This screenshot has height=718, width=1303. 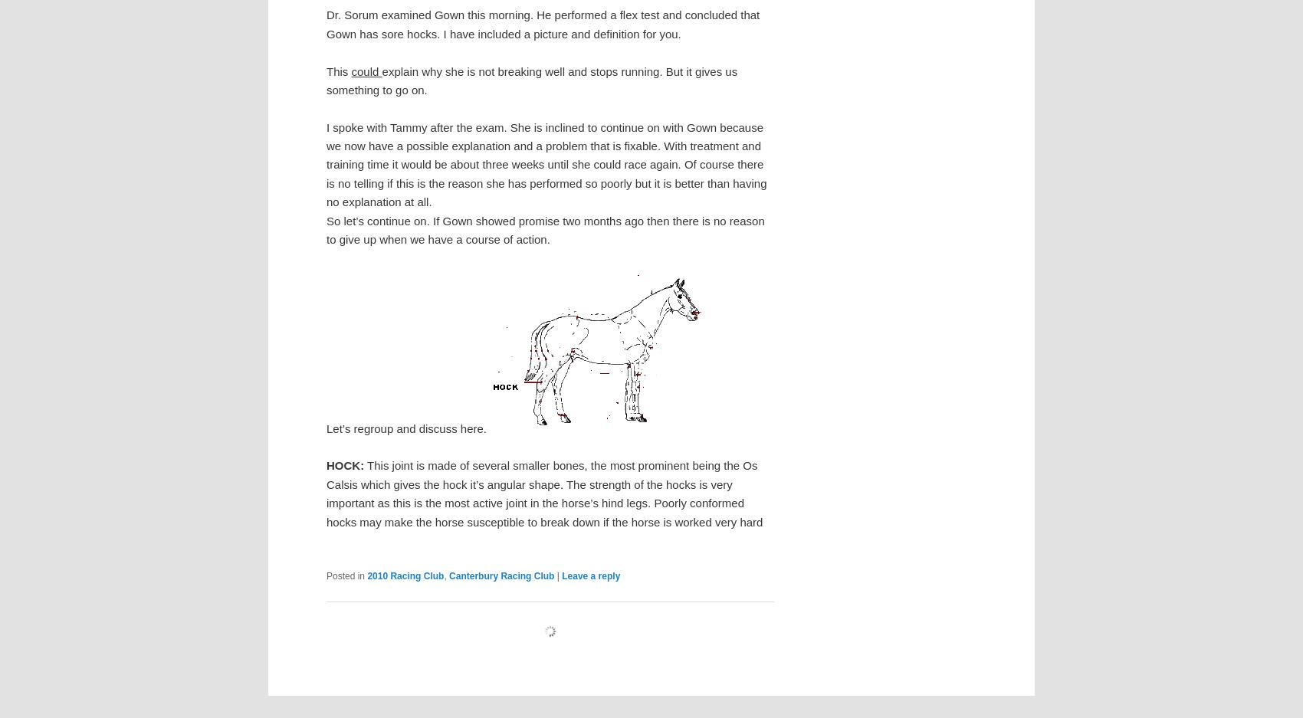 What do you see at coordinates (339, 70) in the screenshot?
I see `'This'` at bounding box center [339, 70].